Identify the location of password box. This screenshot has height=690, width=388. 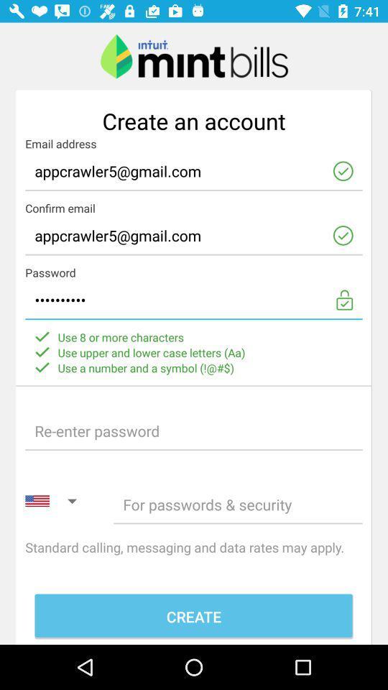
(194, 431).